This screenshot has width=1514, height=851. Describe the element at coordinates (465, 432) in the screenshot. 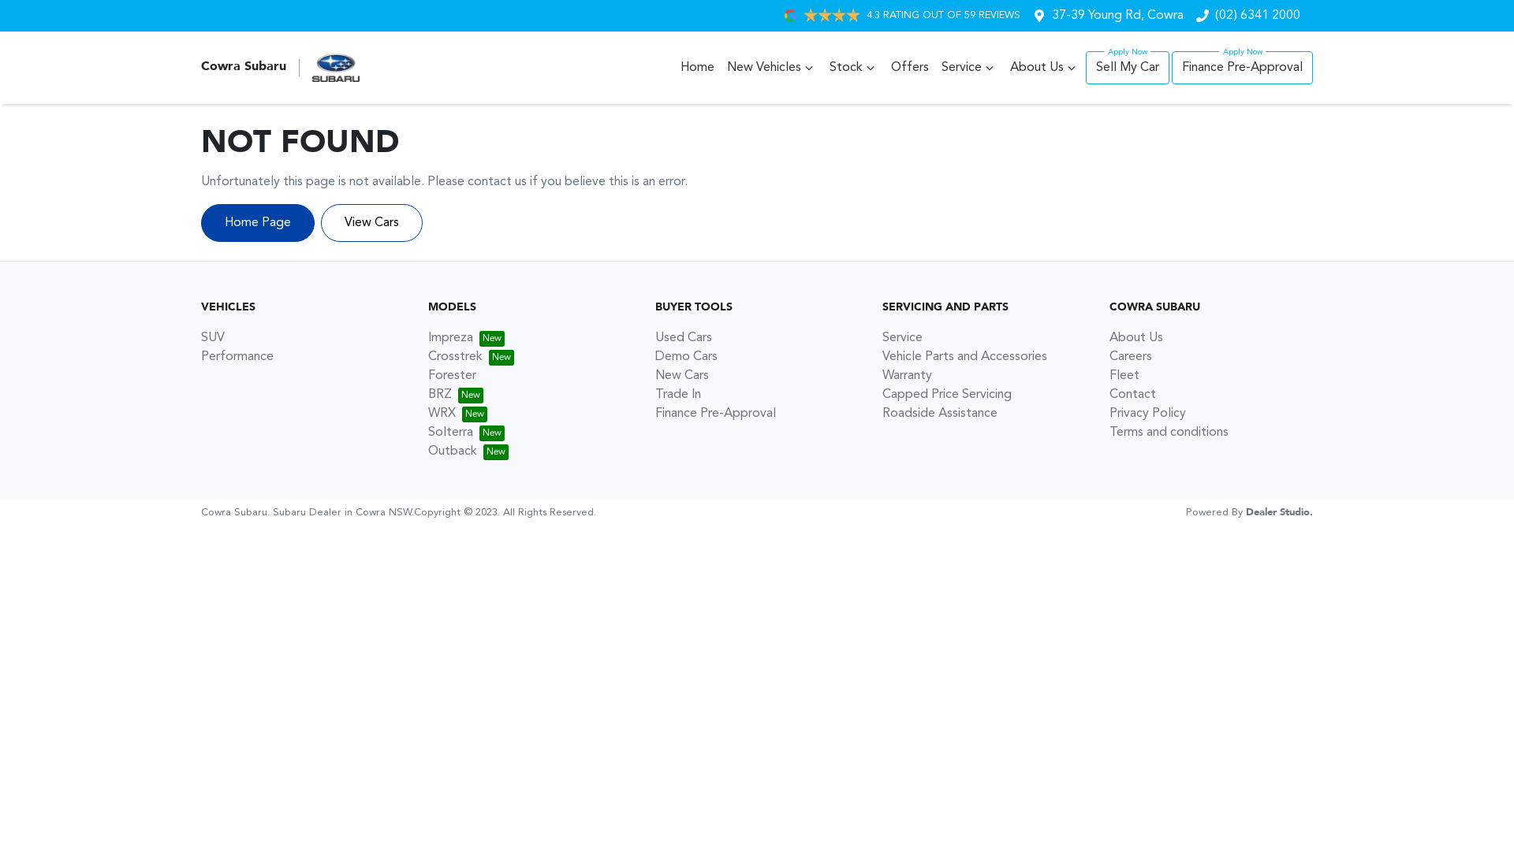

I see `'Solterra'` at that location.